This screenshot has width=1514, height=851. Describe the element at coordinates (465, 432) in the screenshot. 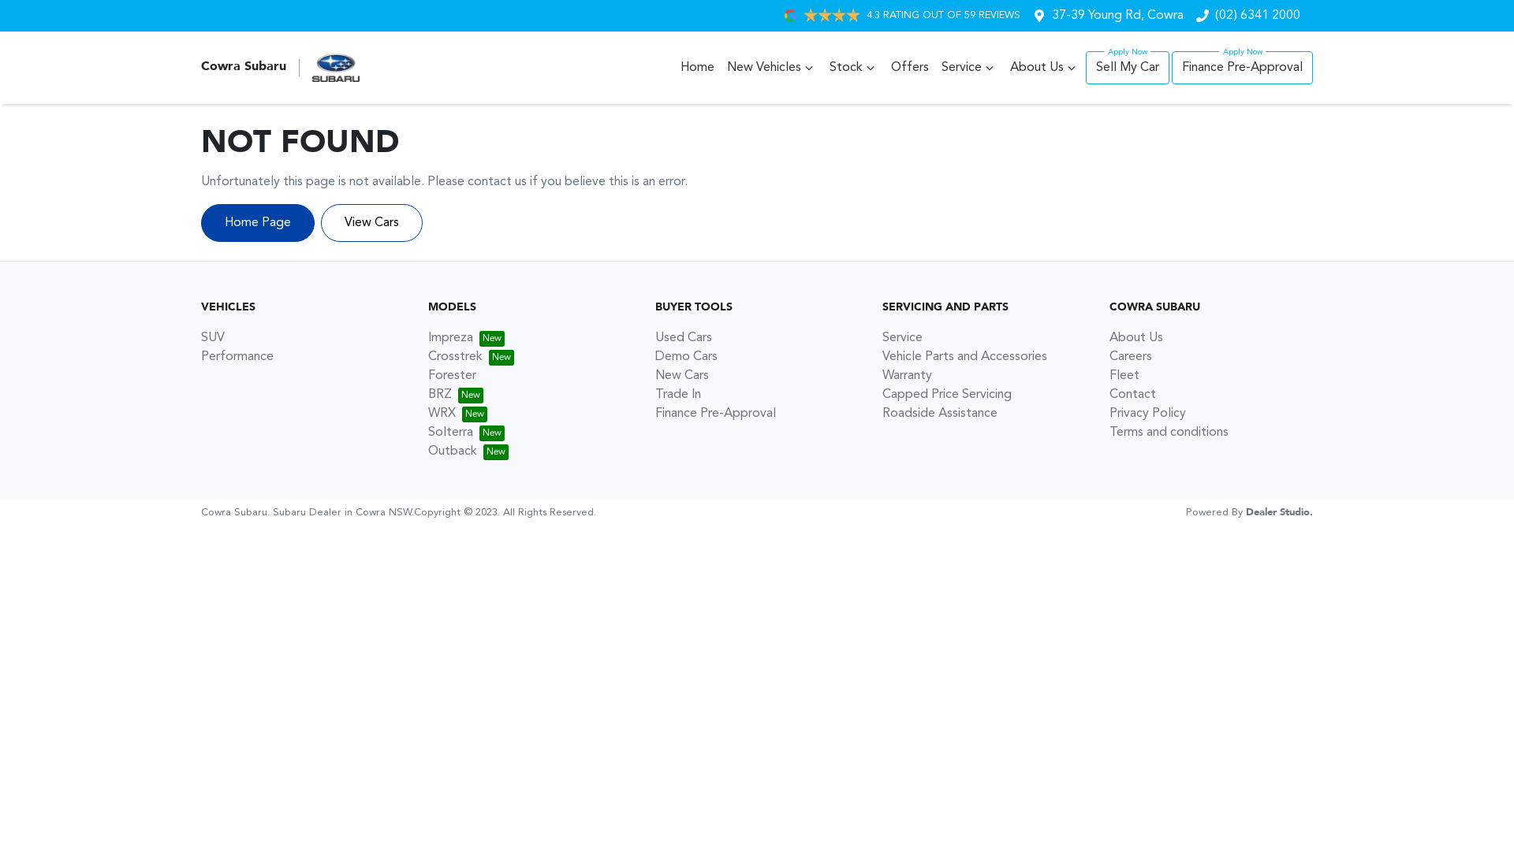

I see `'Solterra'` at that location.